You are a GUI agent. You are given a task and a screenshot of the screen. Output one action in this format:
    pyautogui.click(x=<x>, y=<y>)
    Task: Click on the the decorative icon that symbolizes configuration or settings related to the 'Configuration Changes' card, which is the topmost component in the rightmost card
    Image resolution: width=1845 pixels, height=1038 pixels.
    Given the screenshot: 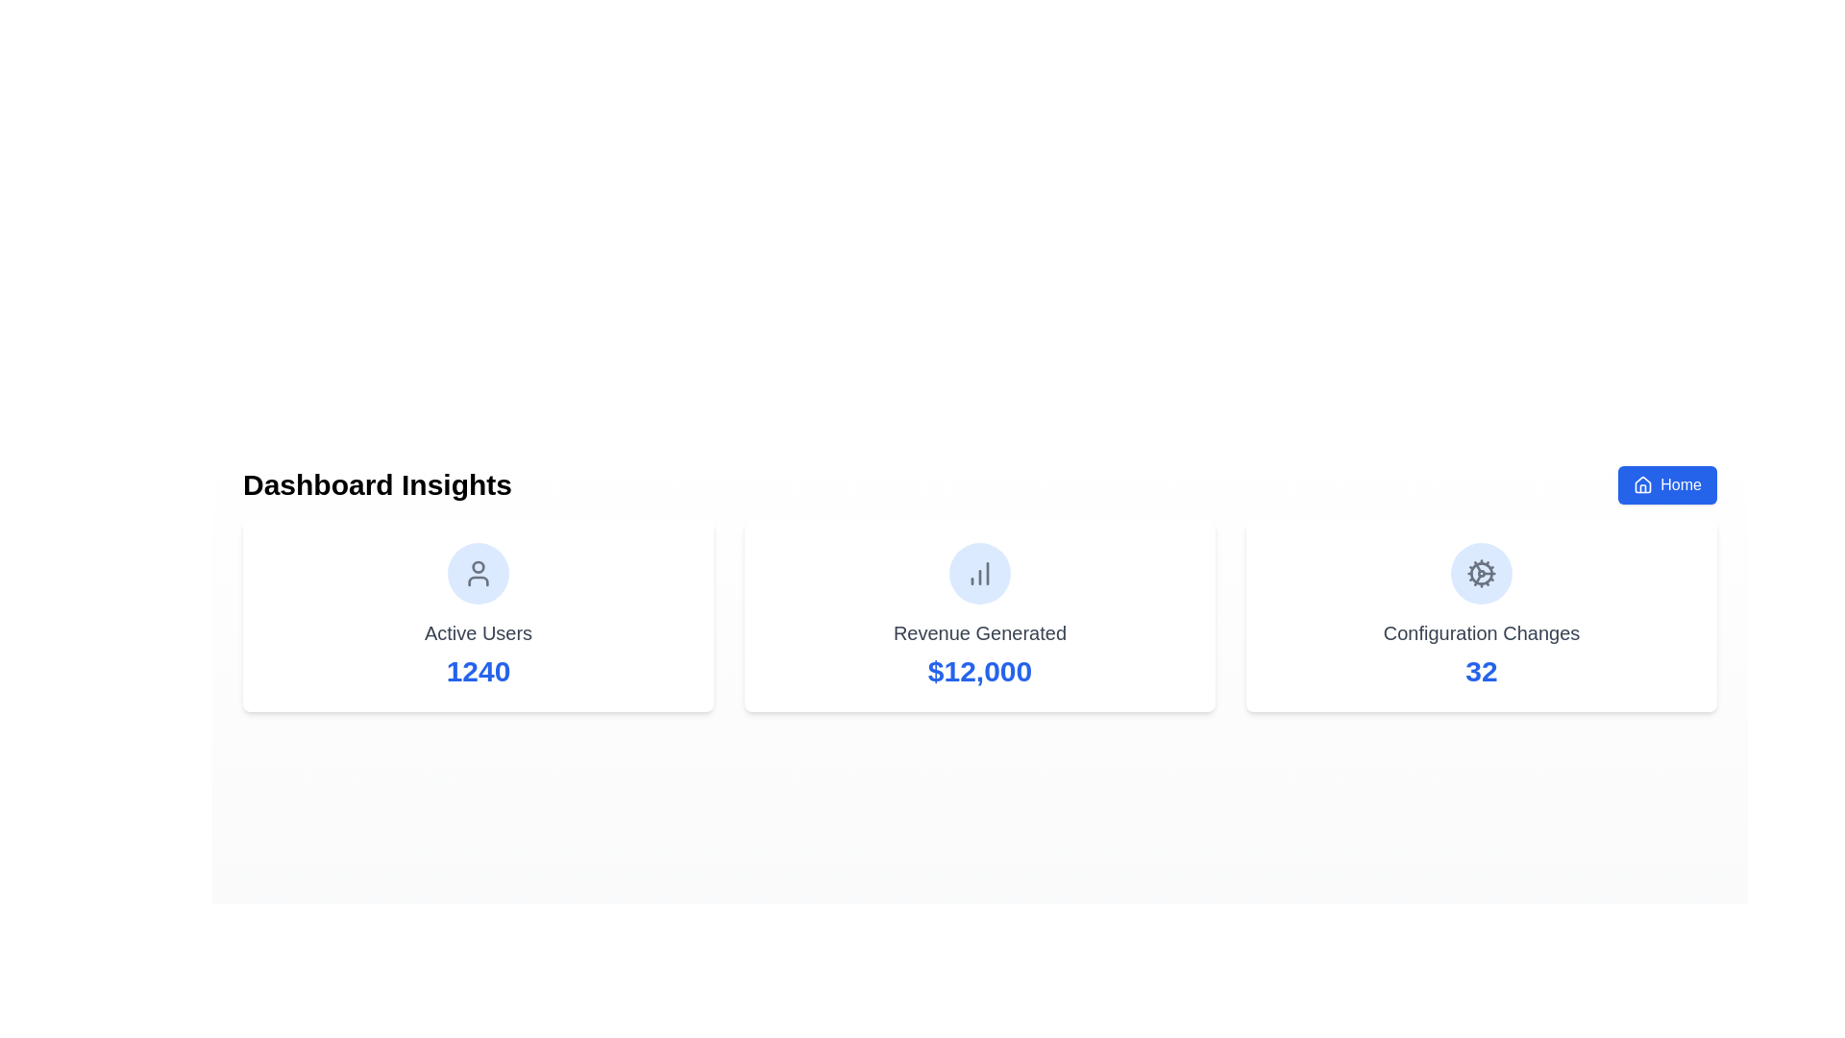 What is the action you would take?
    pyautogui.click(x=1480, y=573)
    